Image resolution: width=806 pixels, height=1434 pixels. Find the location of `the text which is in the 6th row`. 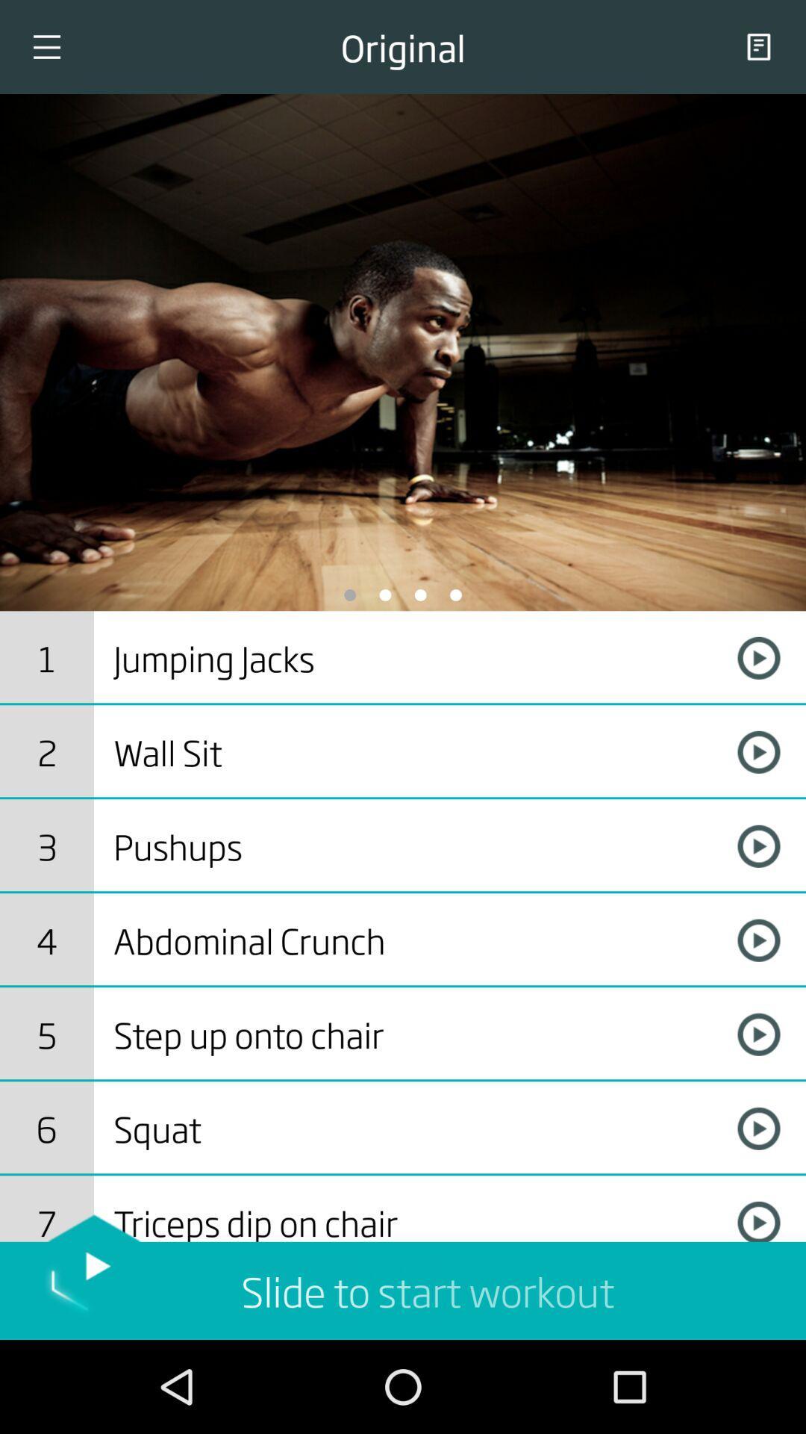

the text which is in the 6th row is located at coordinates (412, 1129).